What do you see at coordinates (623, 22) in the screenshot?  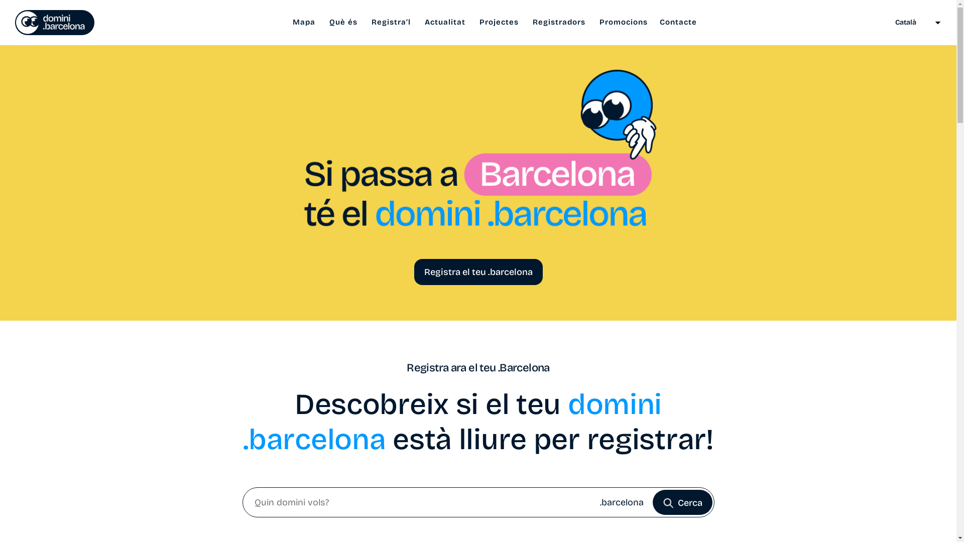 I see `'Promocions'` at bounding box center [623, 22].